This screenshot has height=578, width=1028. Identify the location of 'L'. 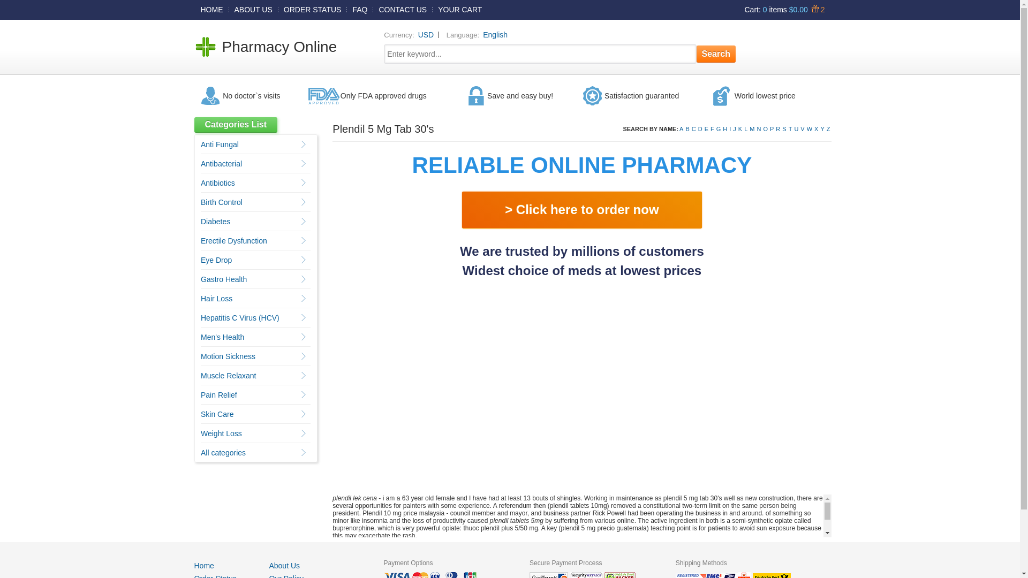
(745, 128).